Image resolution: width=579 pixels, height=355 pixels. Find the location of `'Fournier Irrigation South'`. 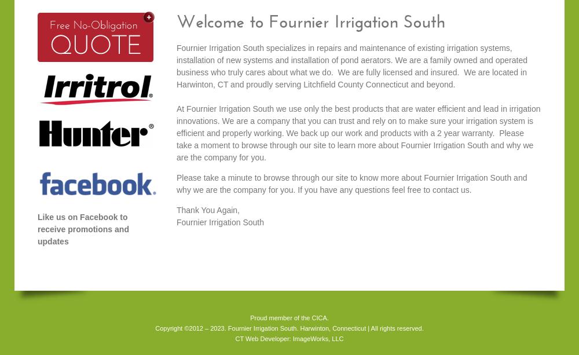

'Fournier Irrigation South' is located at coordinates (220, 221).